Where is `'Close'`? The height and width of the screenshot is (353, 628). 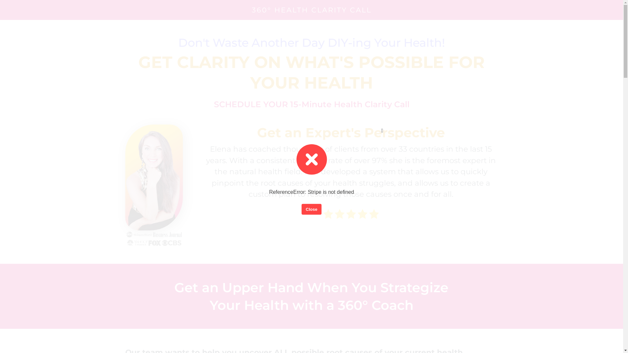
'Close' is located at coordinates (311, 209).